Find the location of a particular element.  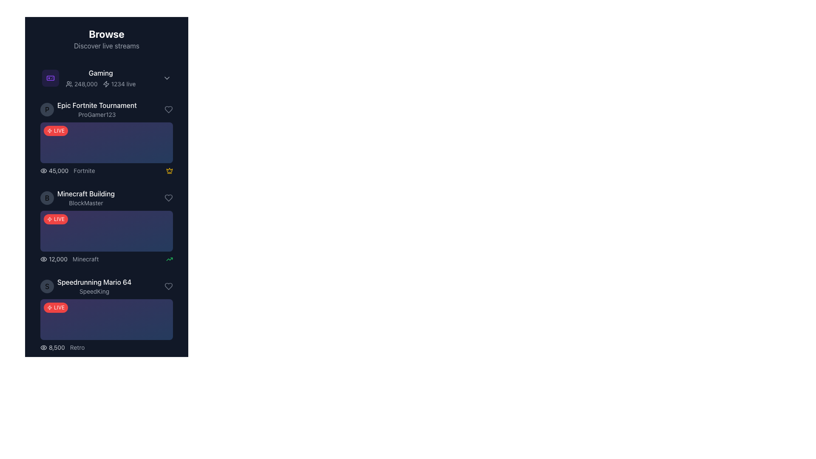

the chevron icon in the top-right corner of the 'Gaming' section is located at coordinates (167, 78).